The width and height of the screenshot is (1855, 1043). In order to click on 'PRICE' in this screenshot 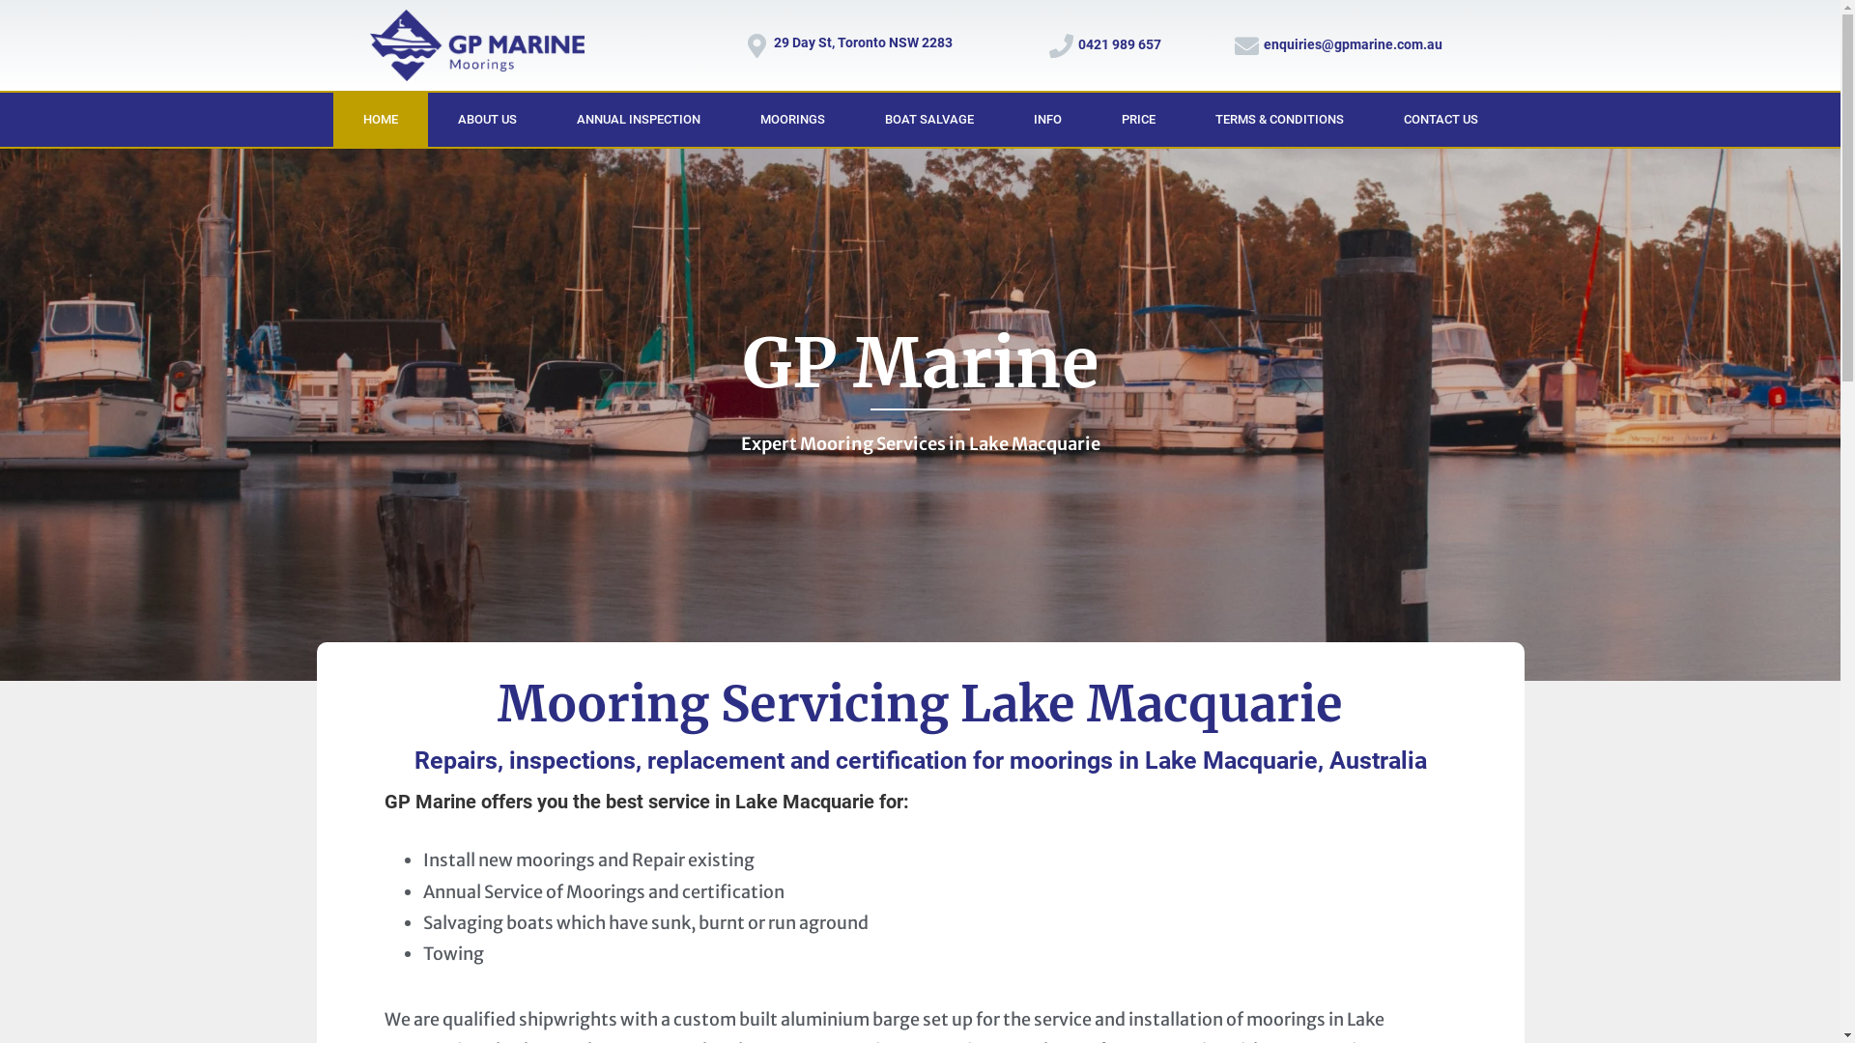, I will do `click(1138, 119)`.